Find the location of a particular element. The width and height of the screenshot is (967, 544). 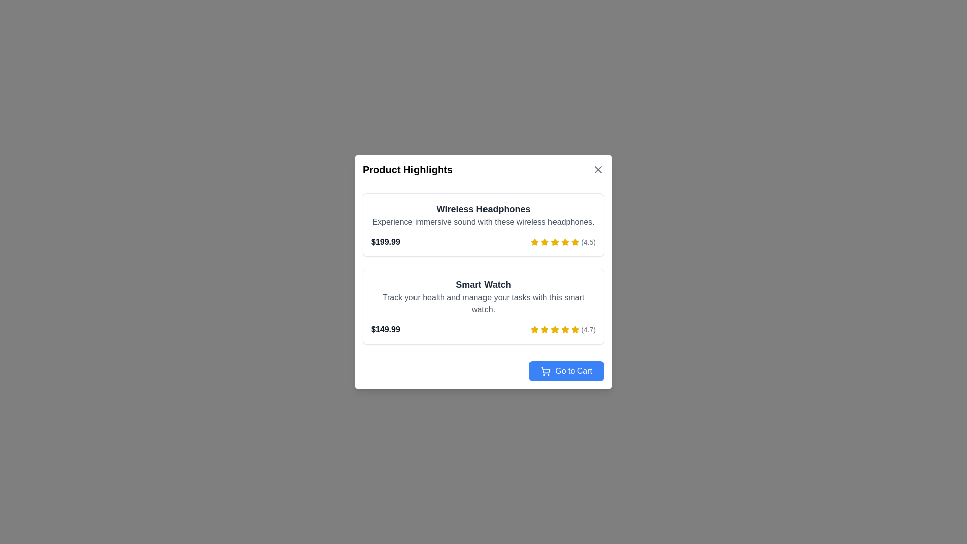

the fourth star icon in the 'Wireless Headphones' section of the 'Product Highlights' list is located at coordinates (565, 242).